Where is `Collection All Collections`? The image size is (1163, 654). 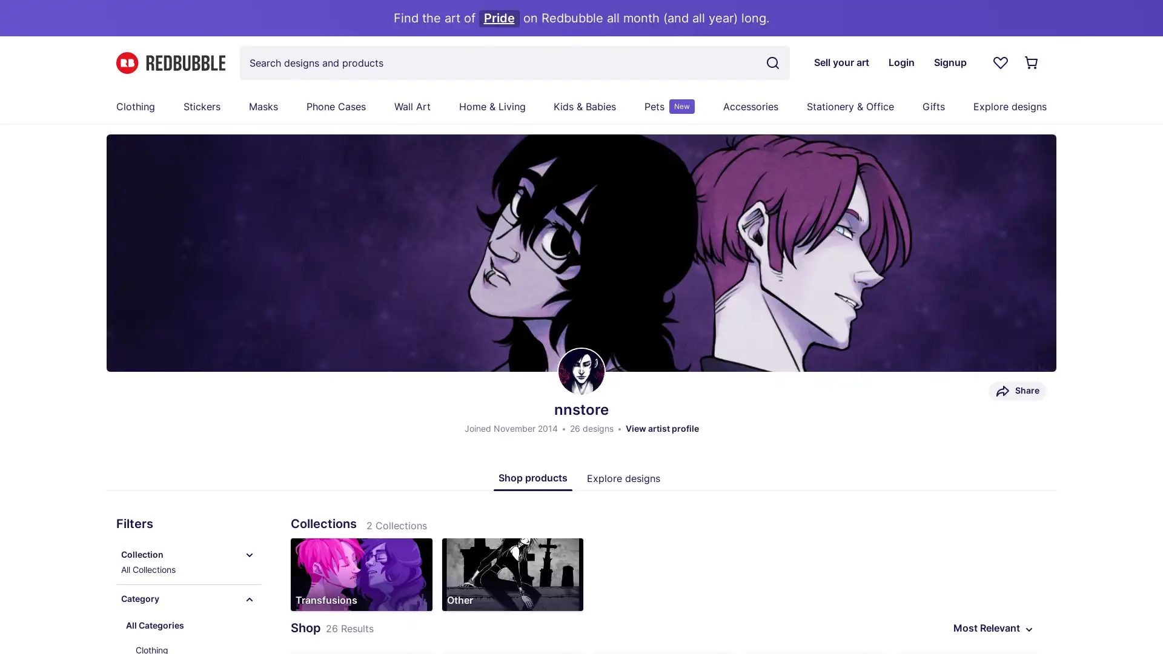 Collection All Collections is located at coordinates (188, 563).